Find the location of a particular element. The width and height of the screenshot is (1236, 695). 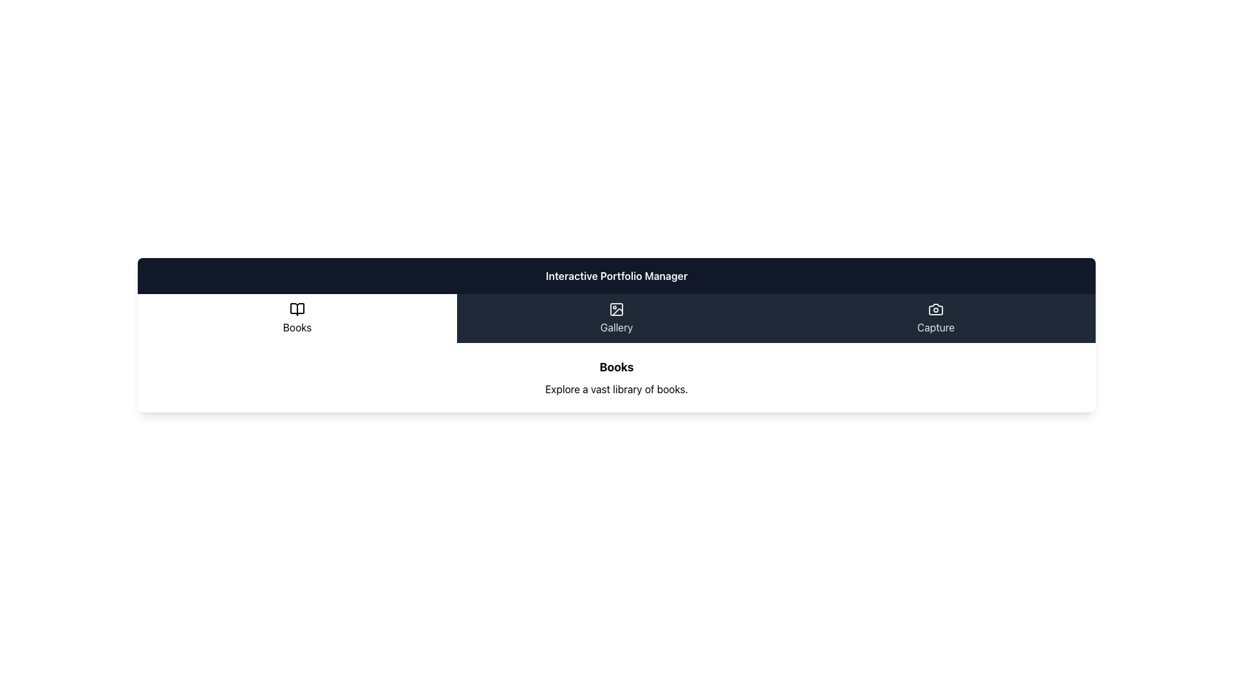

the 'Capture' icon-text UI element, which features a camera icon at the top and the text 'Capture' below it is located at coordinates (936, 318).